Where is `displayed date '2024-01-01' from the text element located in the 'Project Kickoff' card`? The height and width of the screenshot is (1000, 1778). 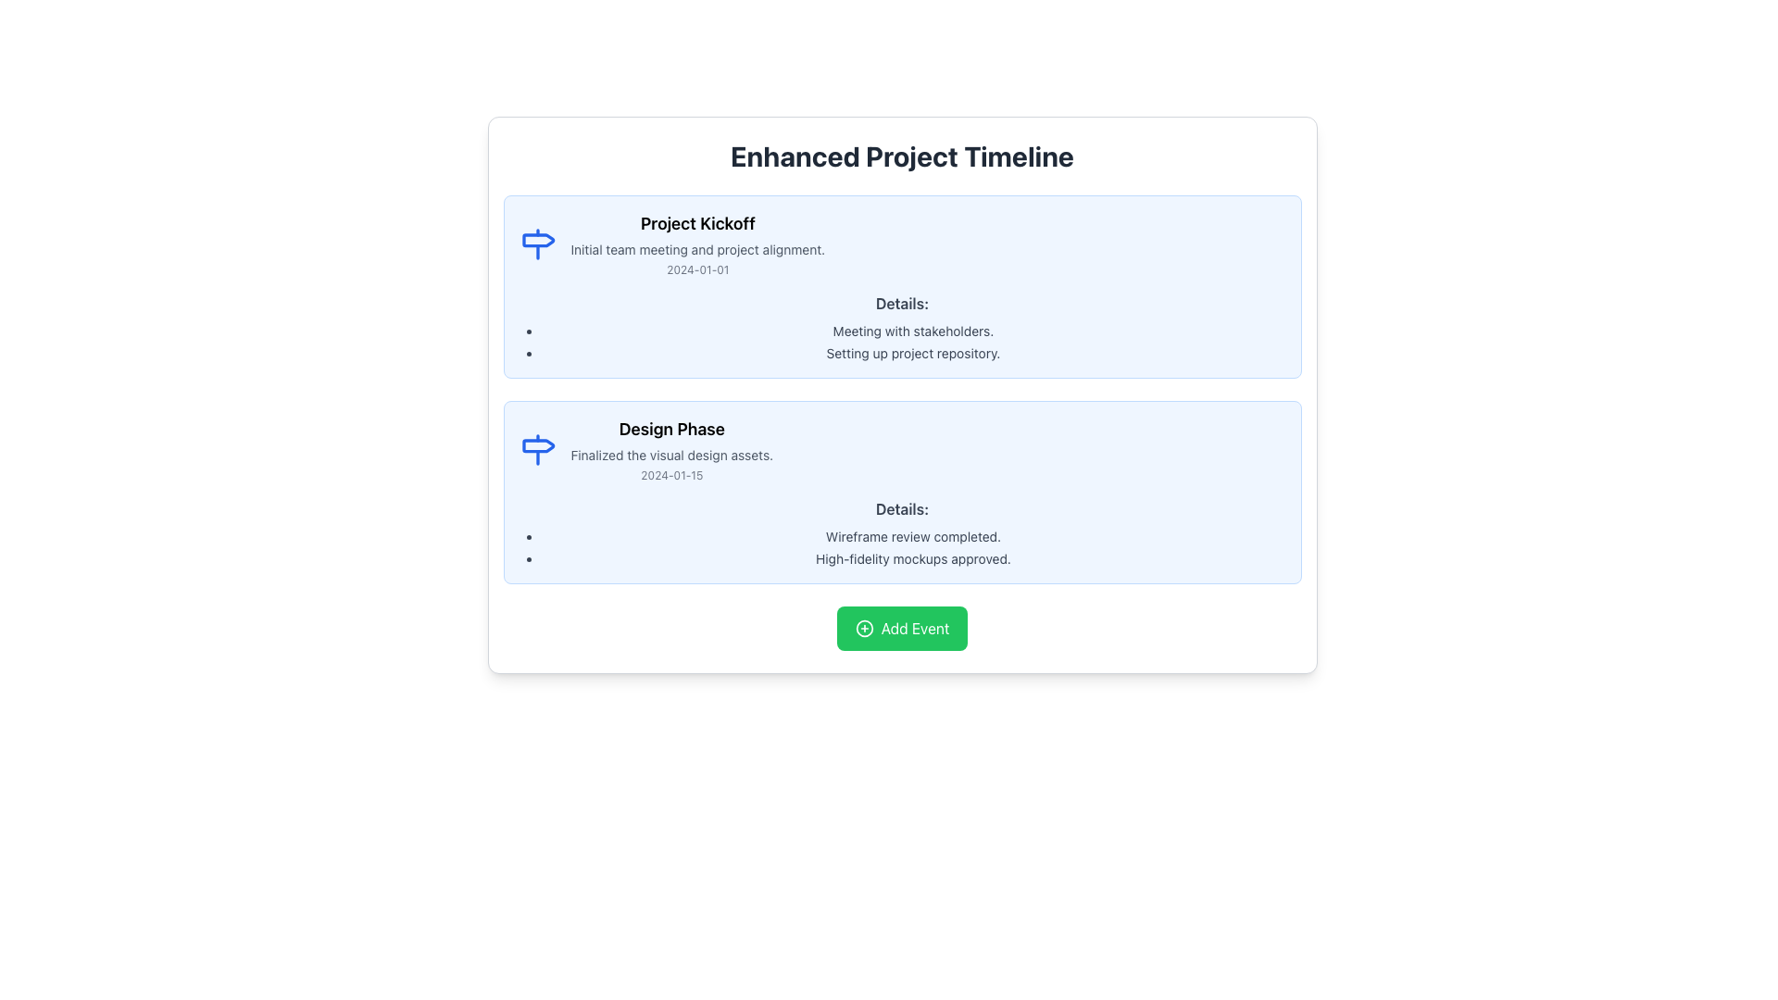 displayed date '2024-01-01' from the text element located in the 'Project Kickoff' card is located at coordinates (696, 270).